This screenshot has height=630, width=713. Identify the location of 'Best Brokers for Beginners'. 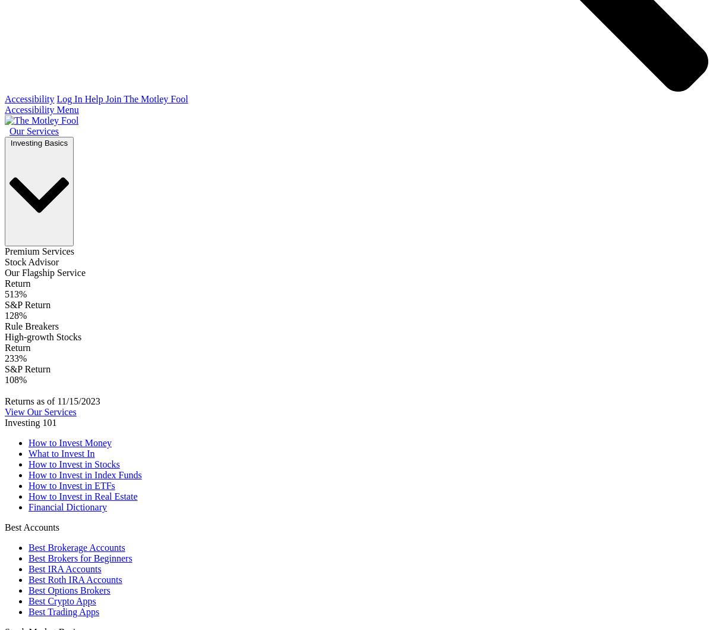
(29, 558).